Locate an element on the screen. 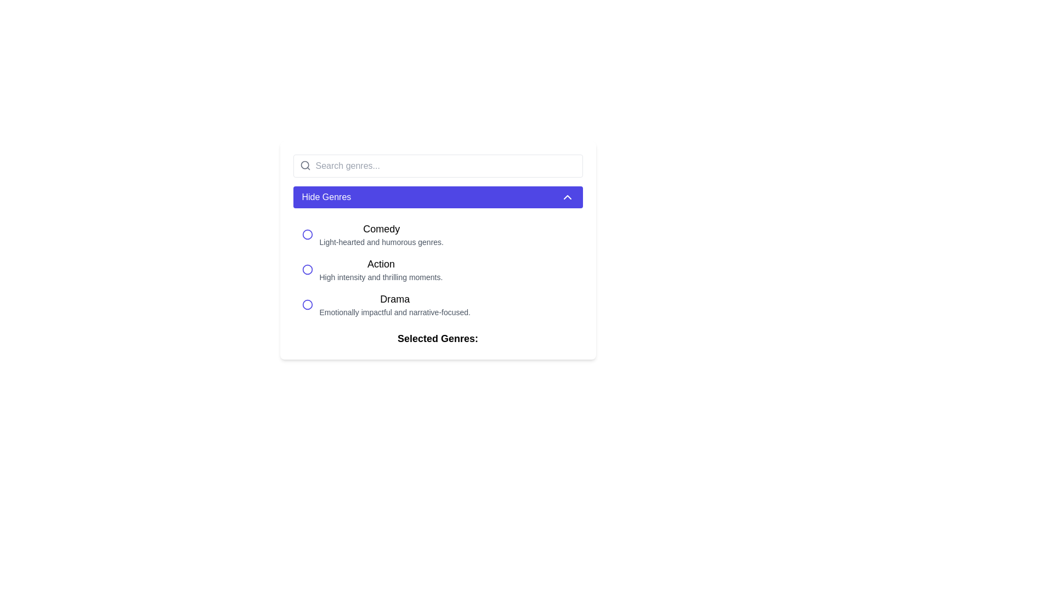 The width and height of the screenshot is (1053, 592). the 'Comedy' genre label, which is the first item in the vertical list of selectable genres, located below the 'Hide Genres' toggle bar is located at coordinates (381, 234).